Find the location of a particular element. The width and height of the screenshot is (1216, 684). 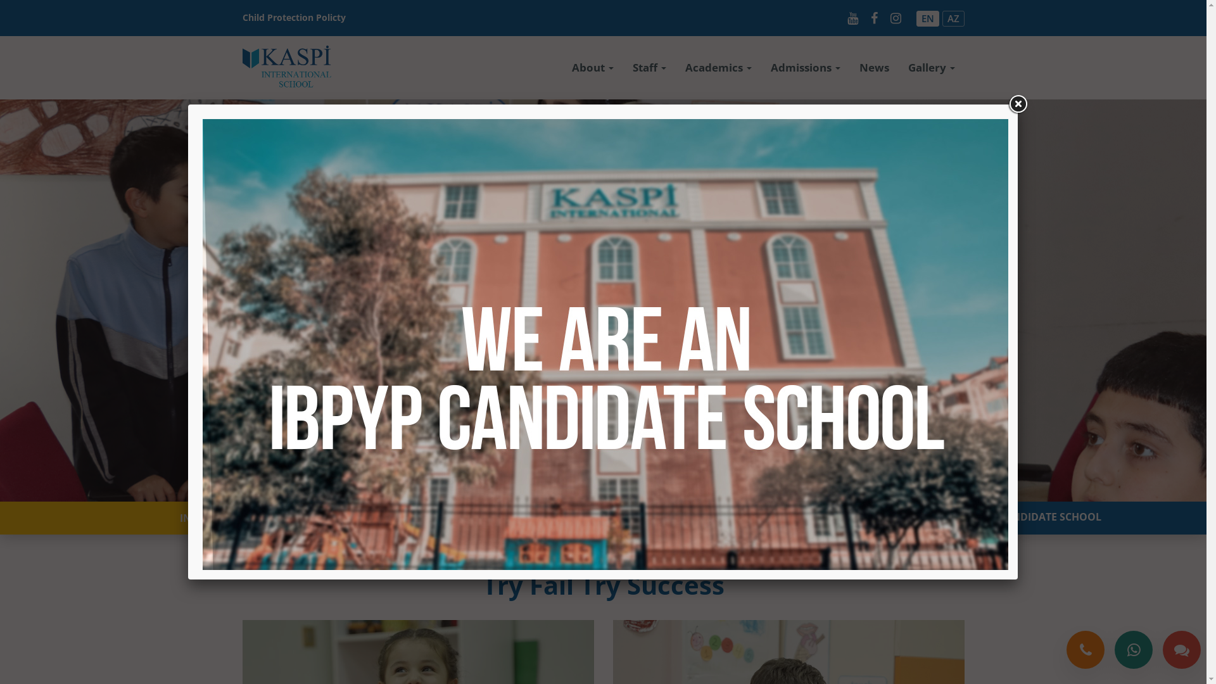

'EN' is located at coordinates (927, 18).